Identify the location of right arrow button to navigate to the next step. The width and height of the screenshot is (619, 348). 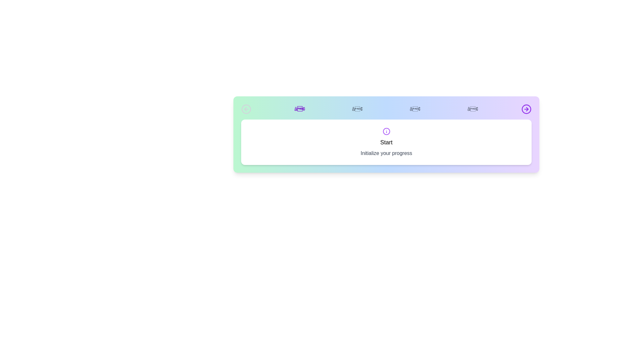
(526, 109).